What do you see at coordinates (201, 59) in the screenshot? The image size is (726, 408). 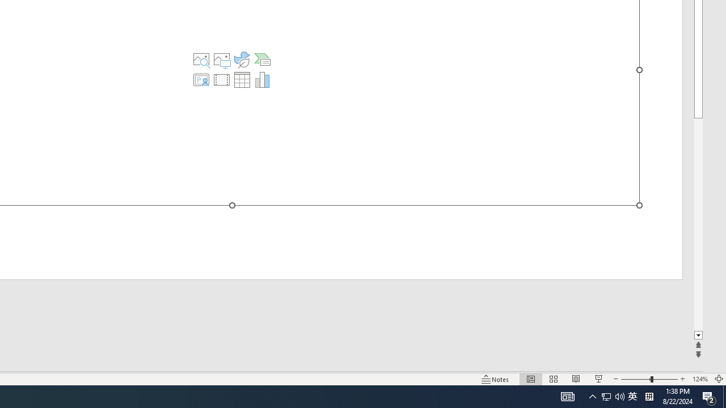 I see `'Stock Images'` at bounding box center [201, 59].